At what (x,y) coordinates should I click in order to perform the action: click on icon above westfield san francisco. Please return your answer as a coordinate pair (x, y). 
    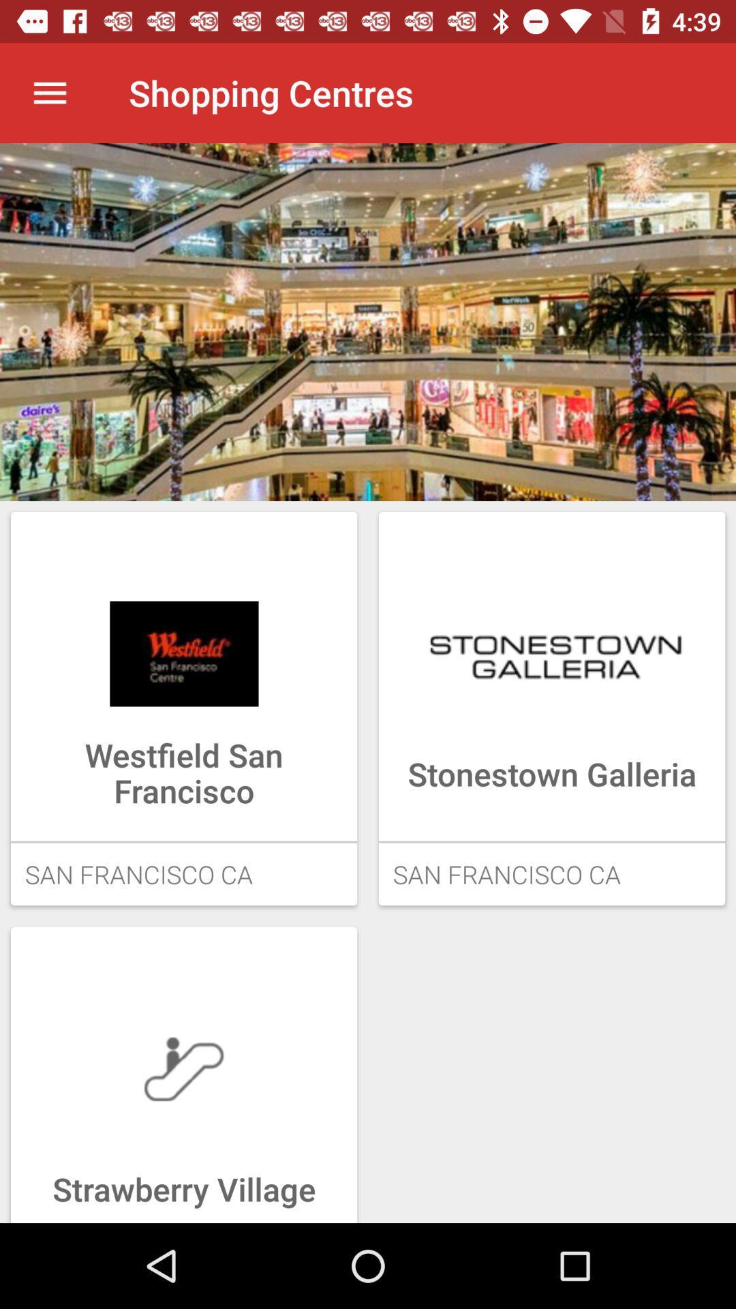
    Looking at the image, I should click on (184, 653).